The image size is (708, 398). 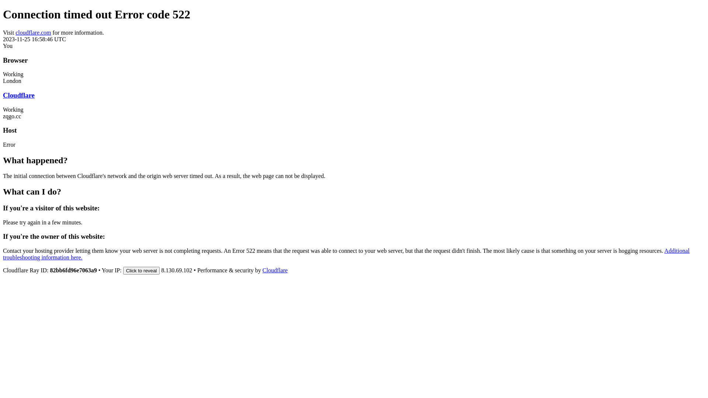 I want to click on 'Cloudflare', so click(x=19, y=95).